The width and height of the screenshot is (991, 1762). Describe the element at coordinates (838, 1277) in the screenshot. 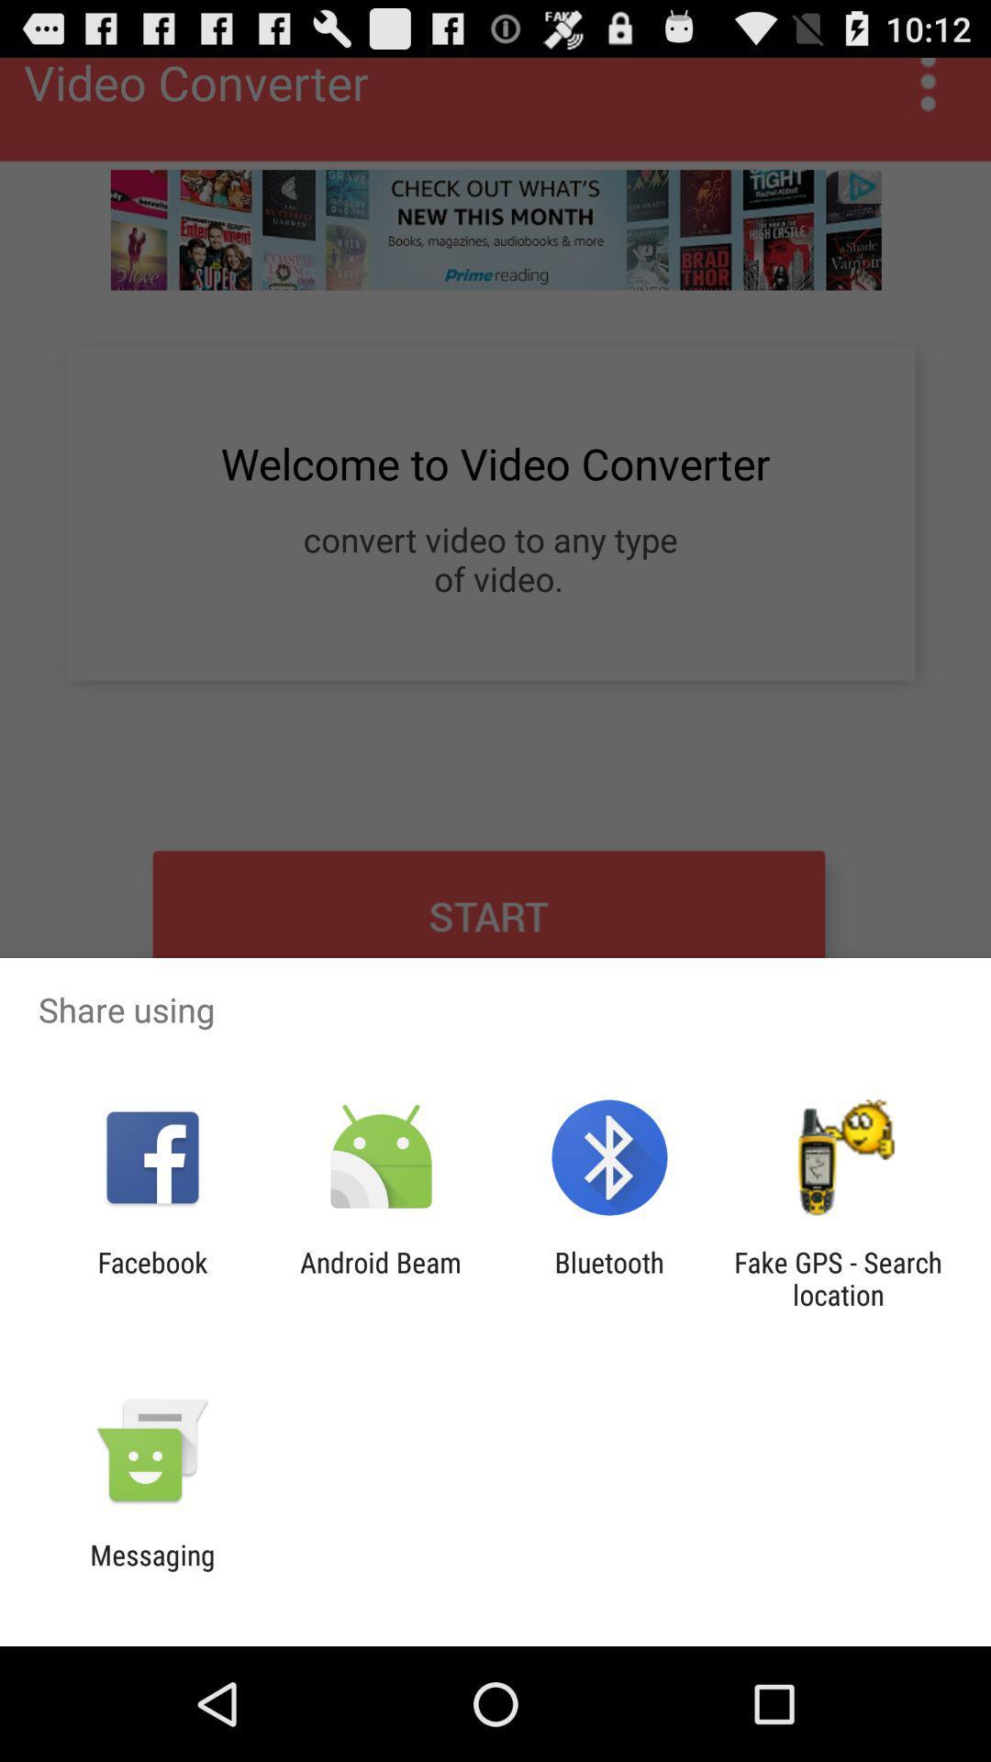

I see `the fake gps search icon` at that location.